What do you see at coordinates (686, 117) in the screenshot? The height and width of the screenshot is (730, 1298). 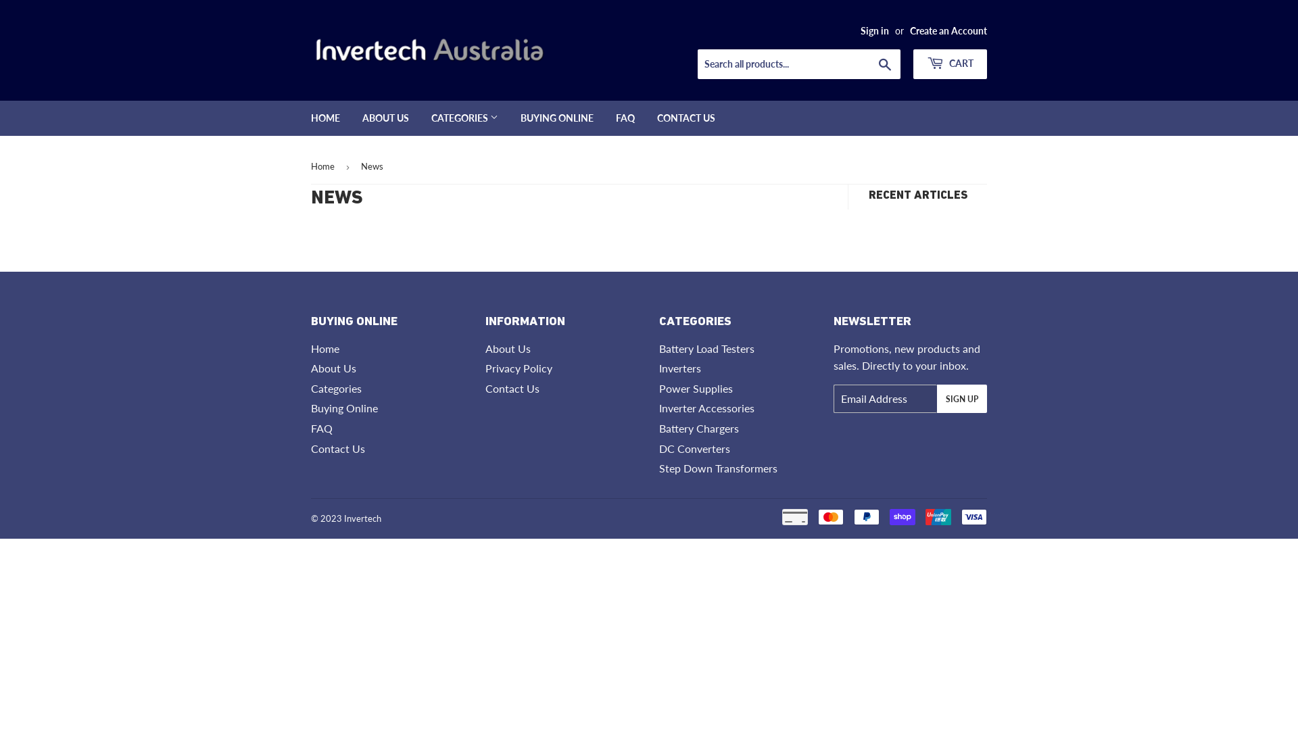 I see `'CONTACT US'` at bounding box center [686, 117].